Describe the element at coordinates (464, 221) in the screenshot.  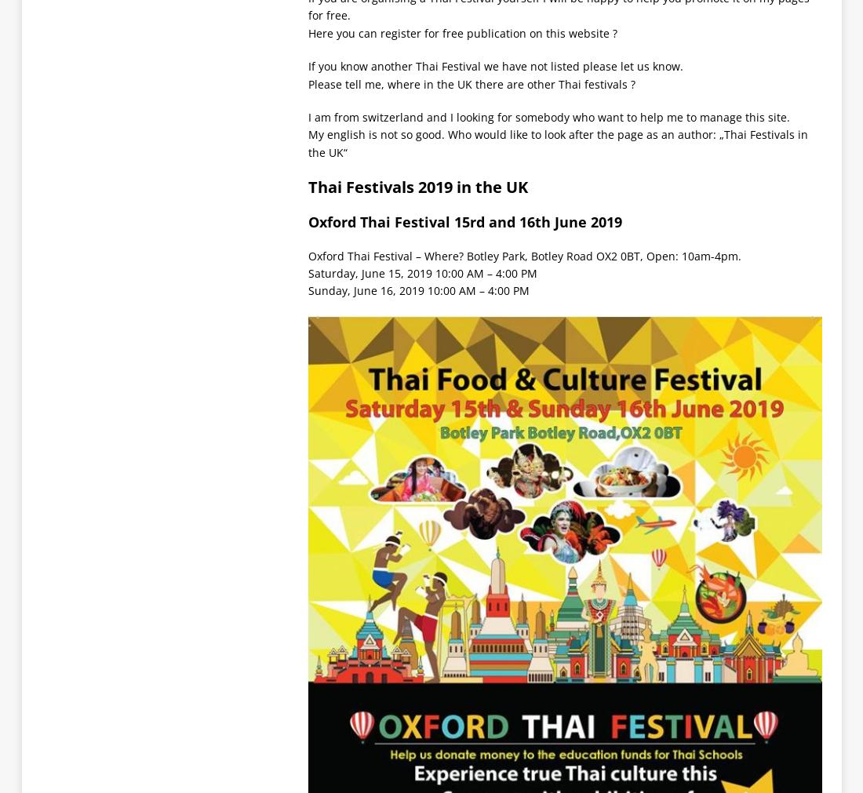
I see `'Oxford Thai Festival 15rd and 16th June 2019'` at that location.